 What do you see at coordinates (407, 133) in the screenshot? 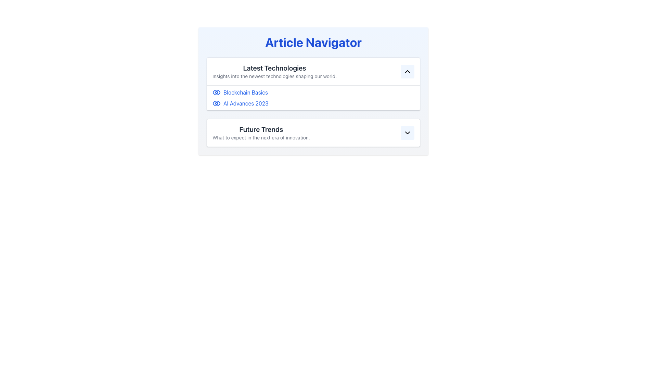
I see `the downward-facing chevron icon within the interactive gray button area` at bounding box center [407, 133].